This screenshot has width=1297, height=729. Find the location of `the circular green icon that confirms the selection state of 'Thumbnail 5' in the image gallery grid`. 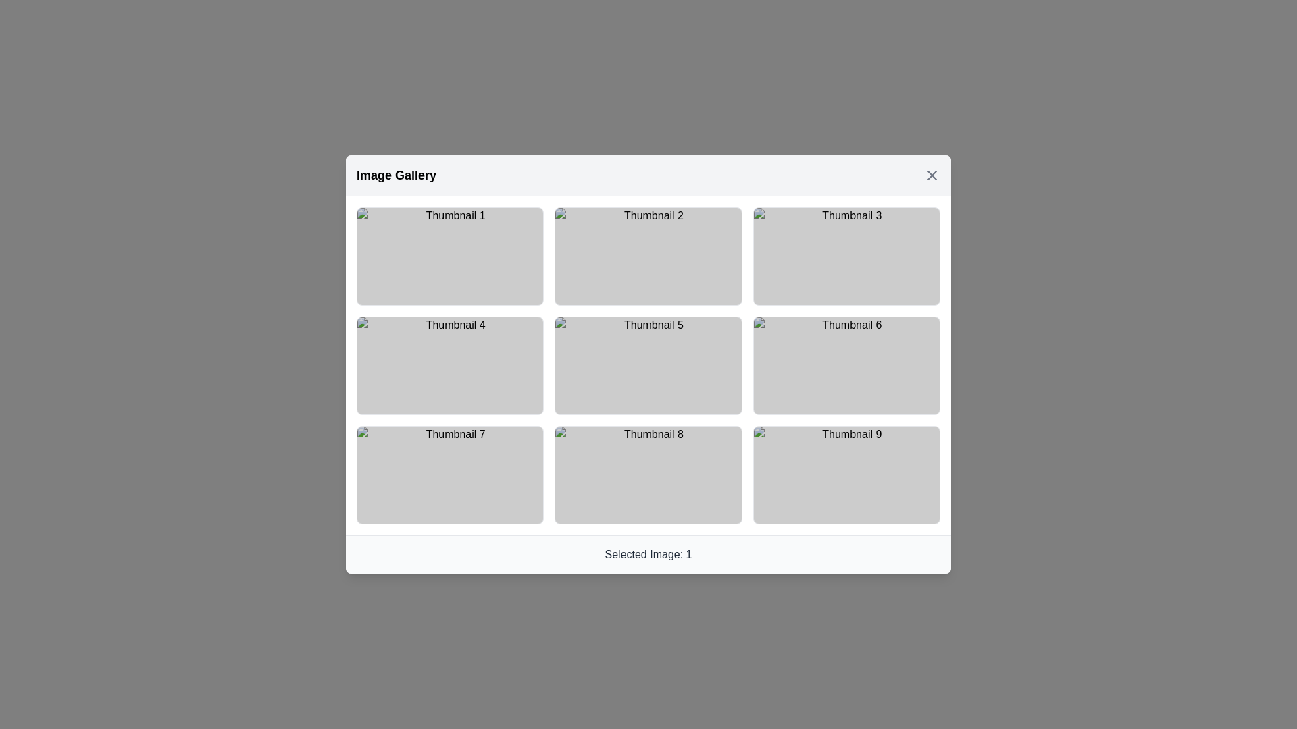

the circular green icon that confirms the selection state of 'Thumbnail 5' in the image gallery grid is located at coordinates (651, 362).